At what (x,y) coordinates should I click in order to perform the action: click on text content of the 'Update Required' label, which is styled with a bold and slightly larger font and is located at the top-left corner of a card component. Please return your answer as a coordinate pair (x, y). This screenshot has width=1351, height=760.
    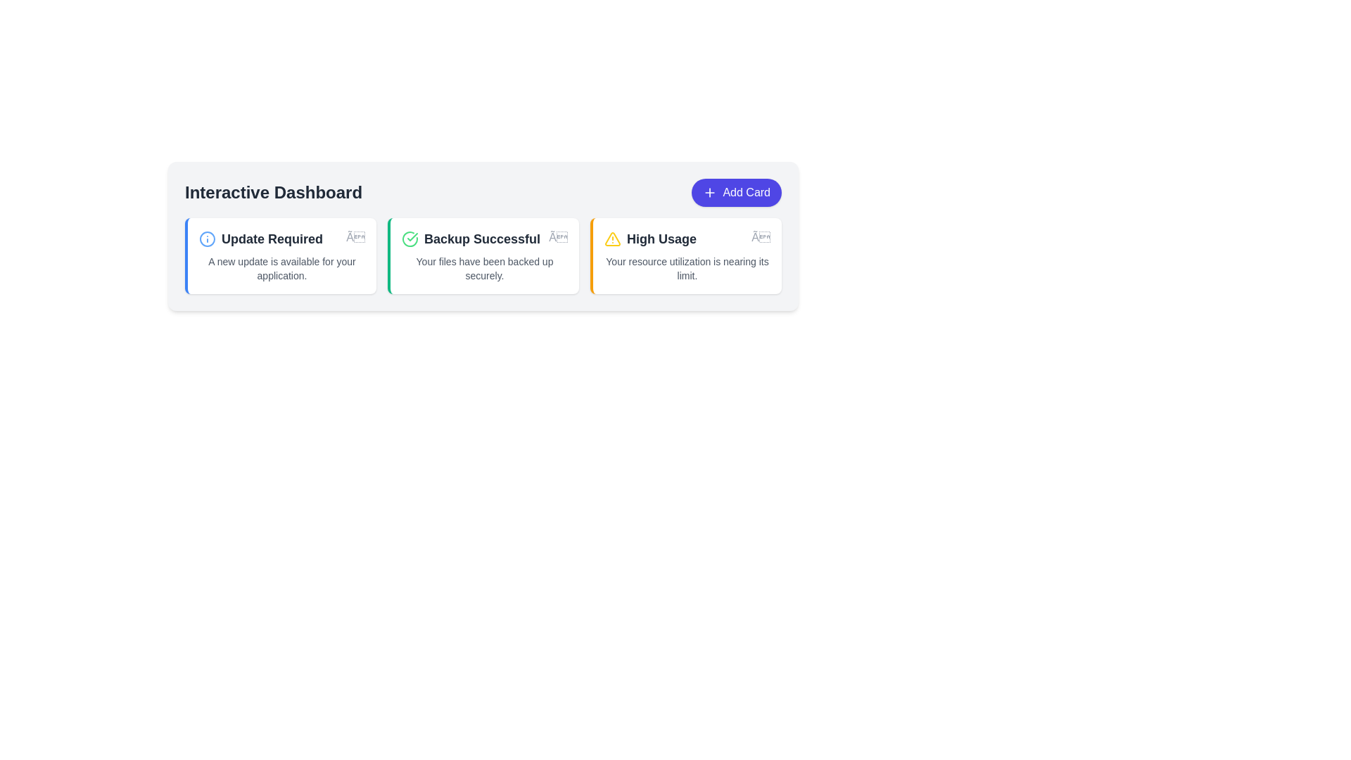
    Looking at the image, I should click on (281, 238).